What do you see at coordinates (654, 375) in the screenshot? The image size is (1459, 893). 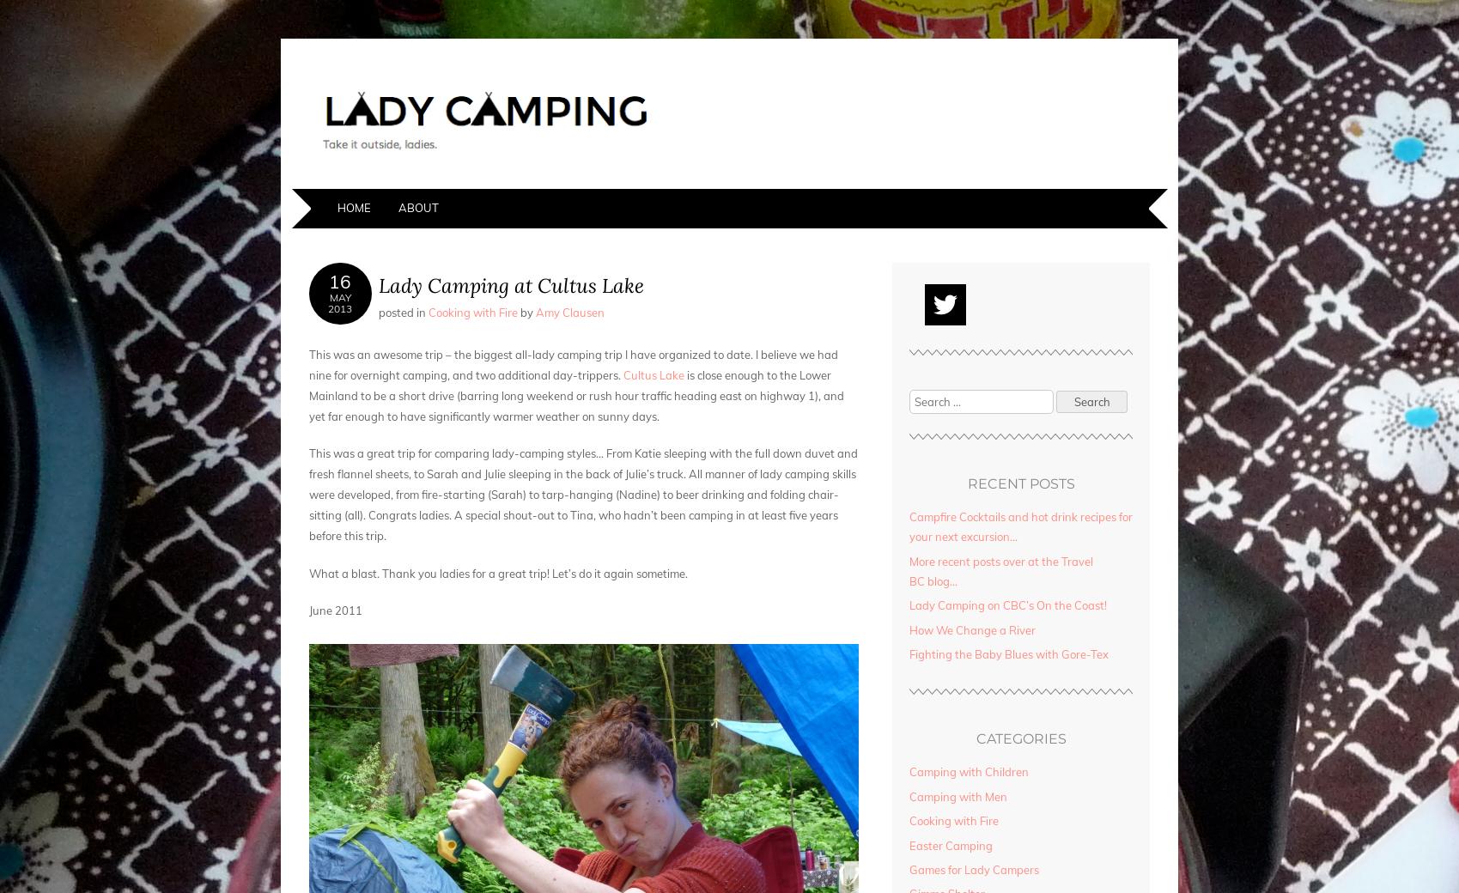 I see `'Cultus Lake'` at bounding box center [654, 375].